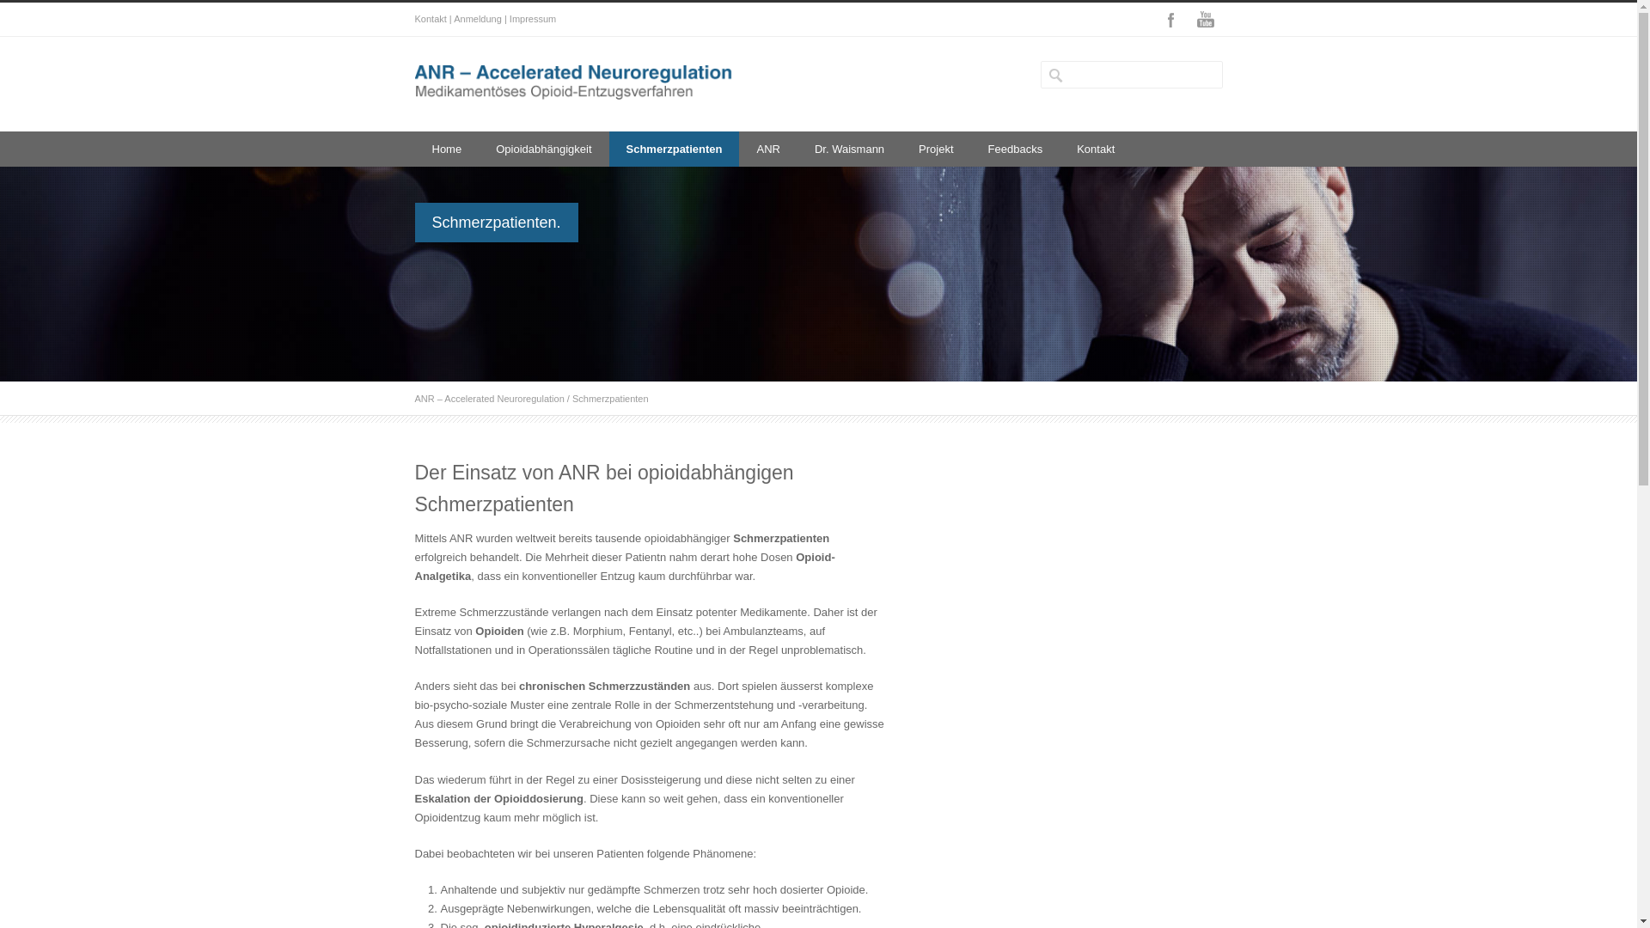 Image resolution: width=1650 pixels, height=928 pixels. Describe the element at coordinates (1170, 20) in the screenshot. I see `'Facebook'` at that location.